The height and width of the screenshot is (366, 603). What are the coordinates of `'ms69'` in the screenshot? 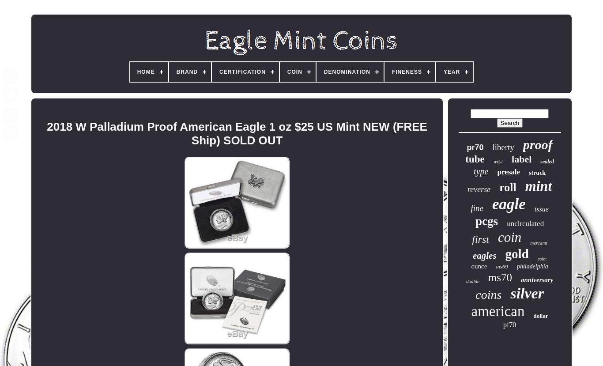 It's located at (501, 266).